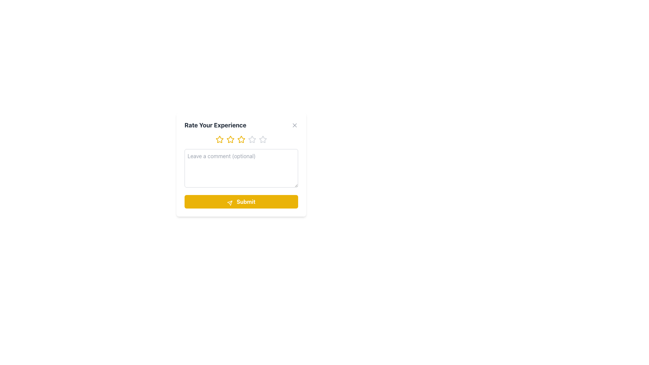  Describe the element at coordinates (230, 203) in the screenshot. I see `the 'send' icon within the 'Submit' button in the 'Rate Your Experience' dialog box` at that location.